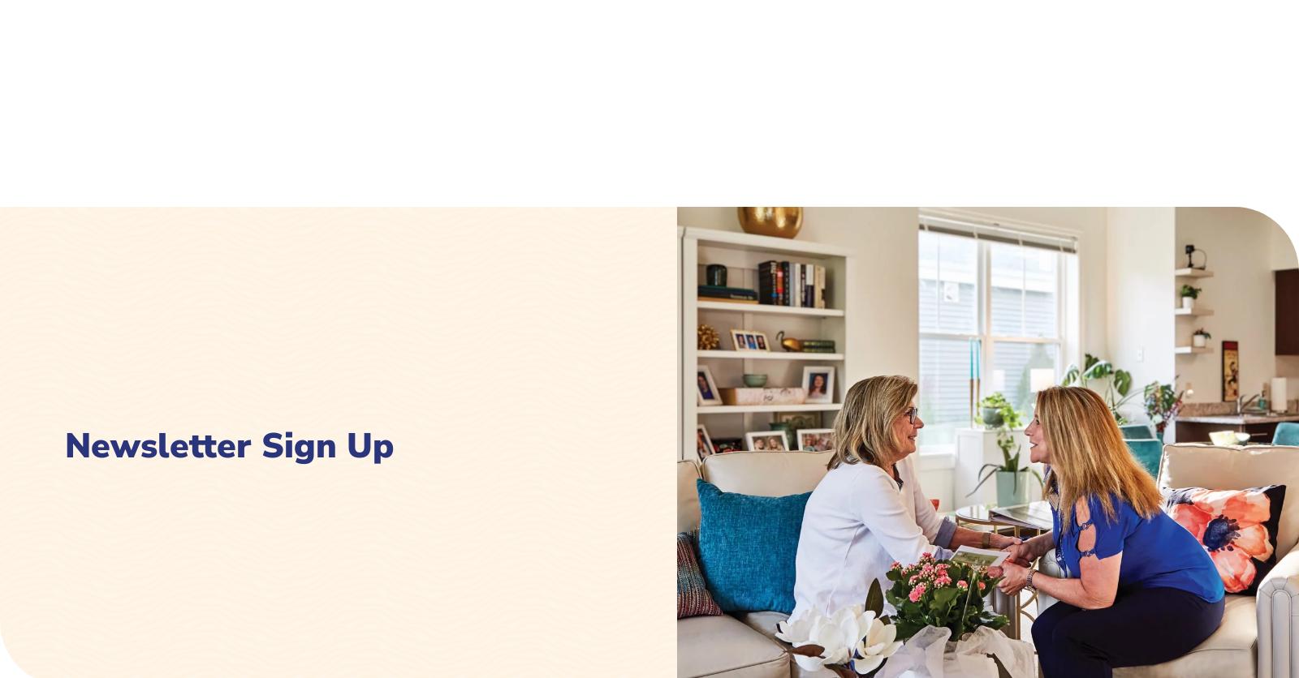  I want to click on 'Newsletter Sign Up', so click(968, 437).